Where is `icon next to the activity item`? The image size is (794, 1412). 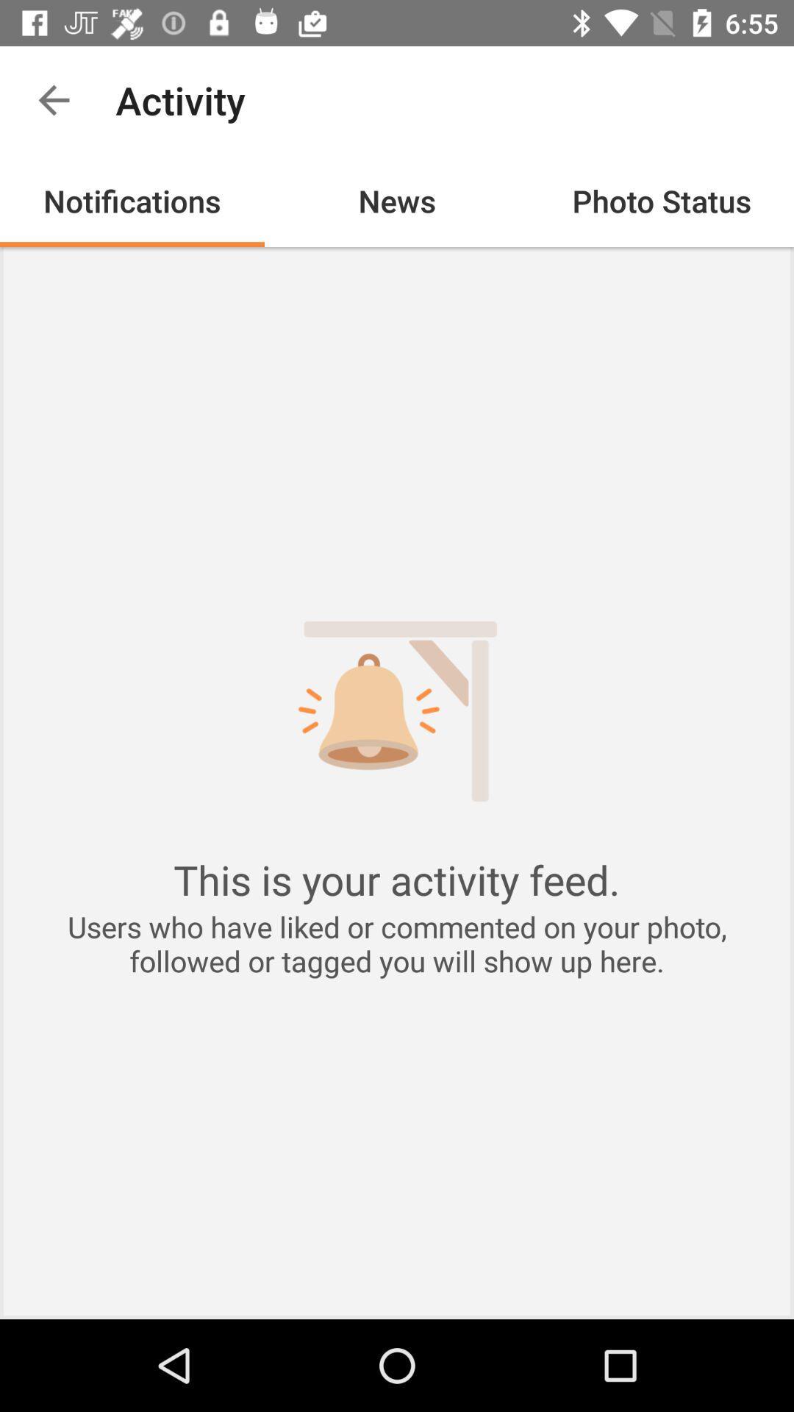
icon next to the activity item is located at coordinates (53, 99).